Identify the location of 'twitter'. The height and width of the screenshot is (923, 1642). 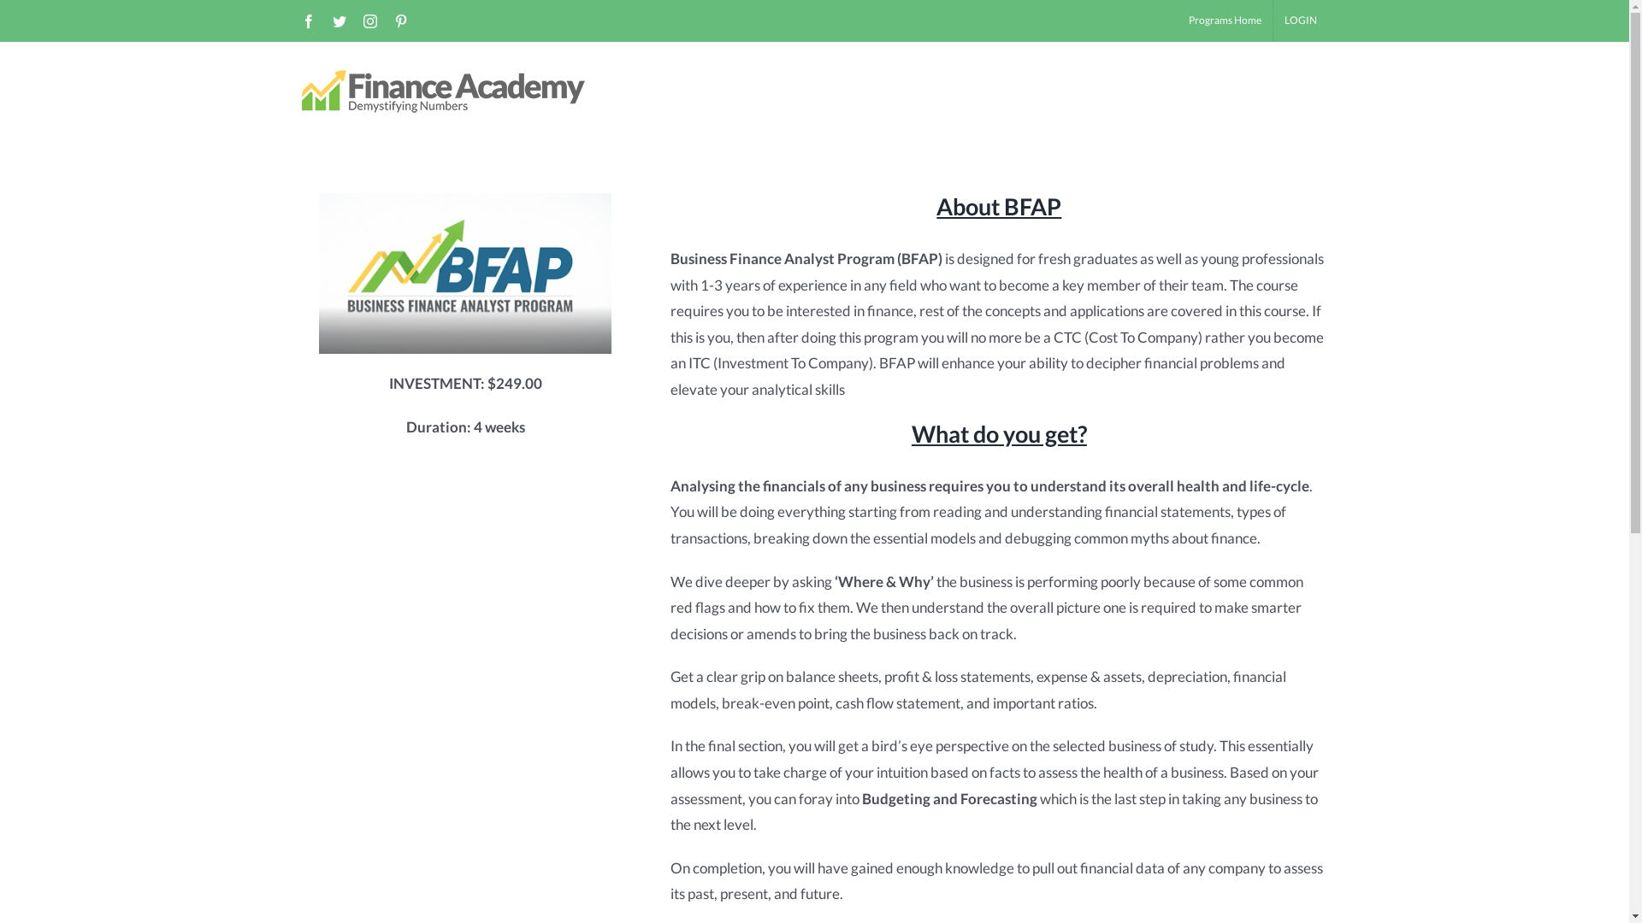
(338, 20).